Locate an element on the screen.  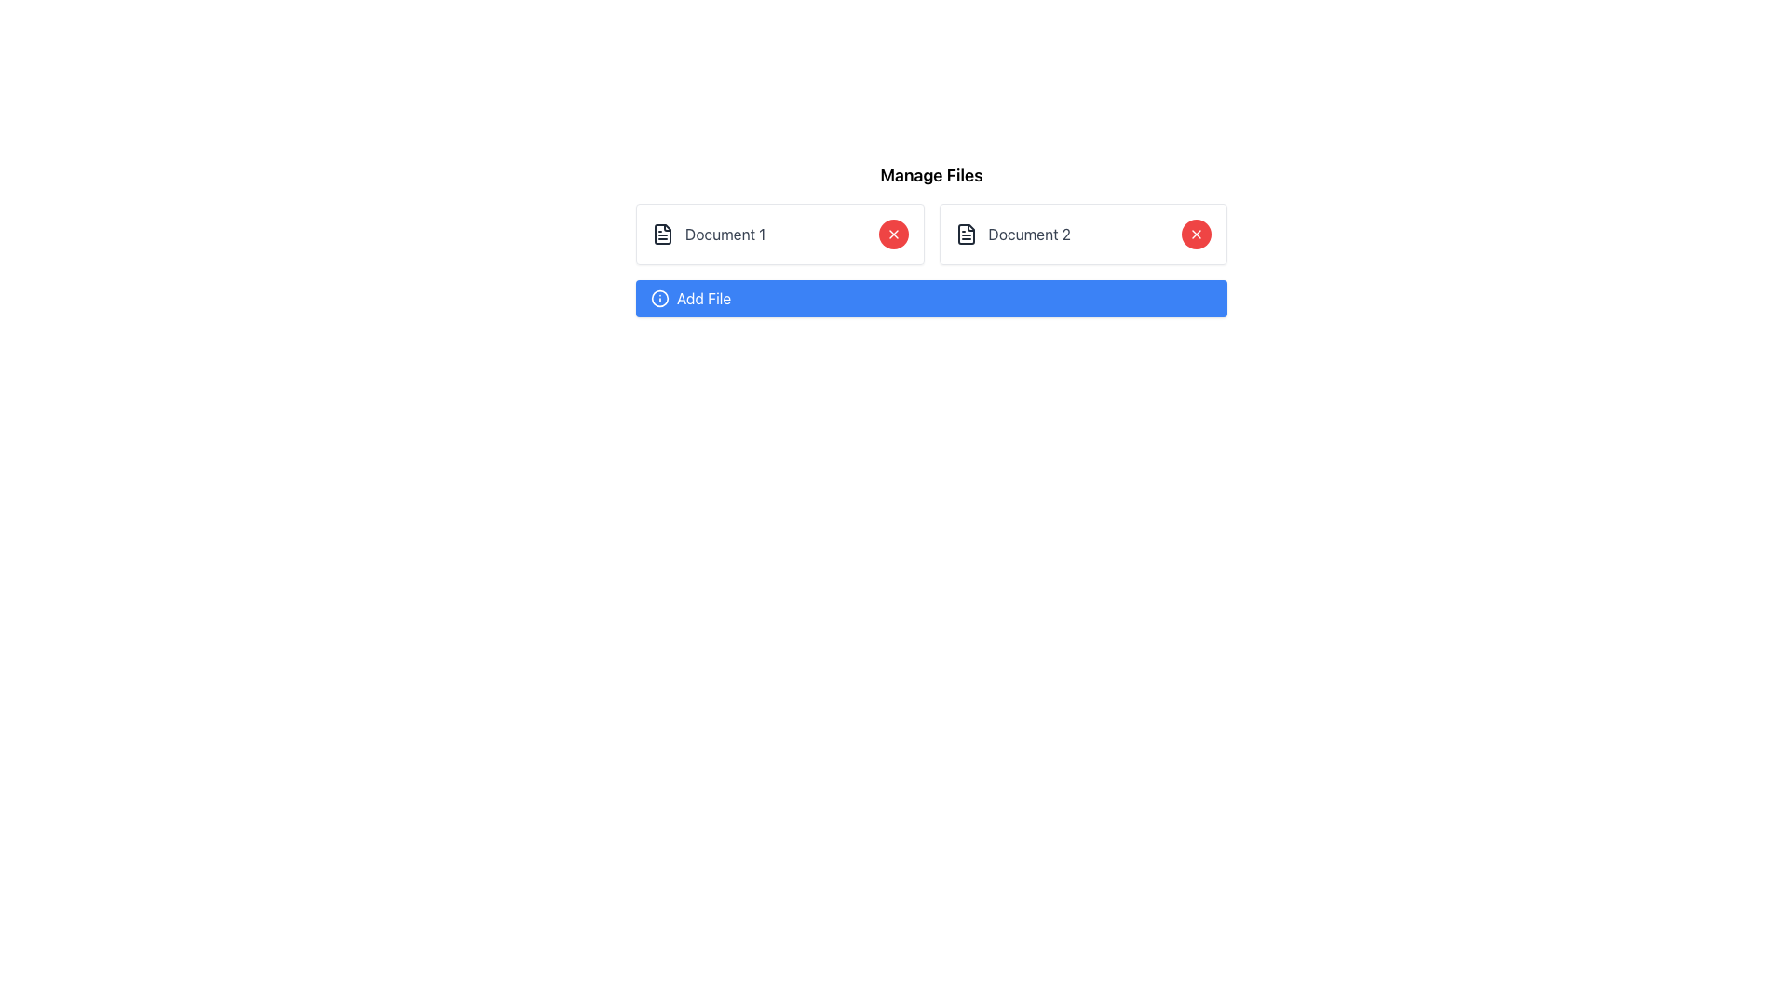
the static text label displaying 'Document 2', located in the second file item under the 'Manage Files' header, positioned between a document icon and a red circular 'X' button is located at coordinates (1028, 233).